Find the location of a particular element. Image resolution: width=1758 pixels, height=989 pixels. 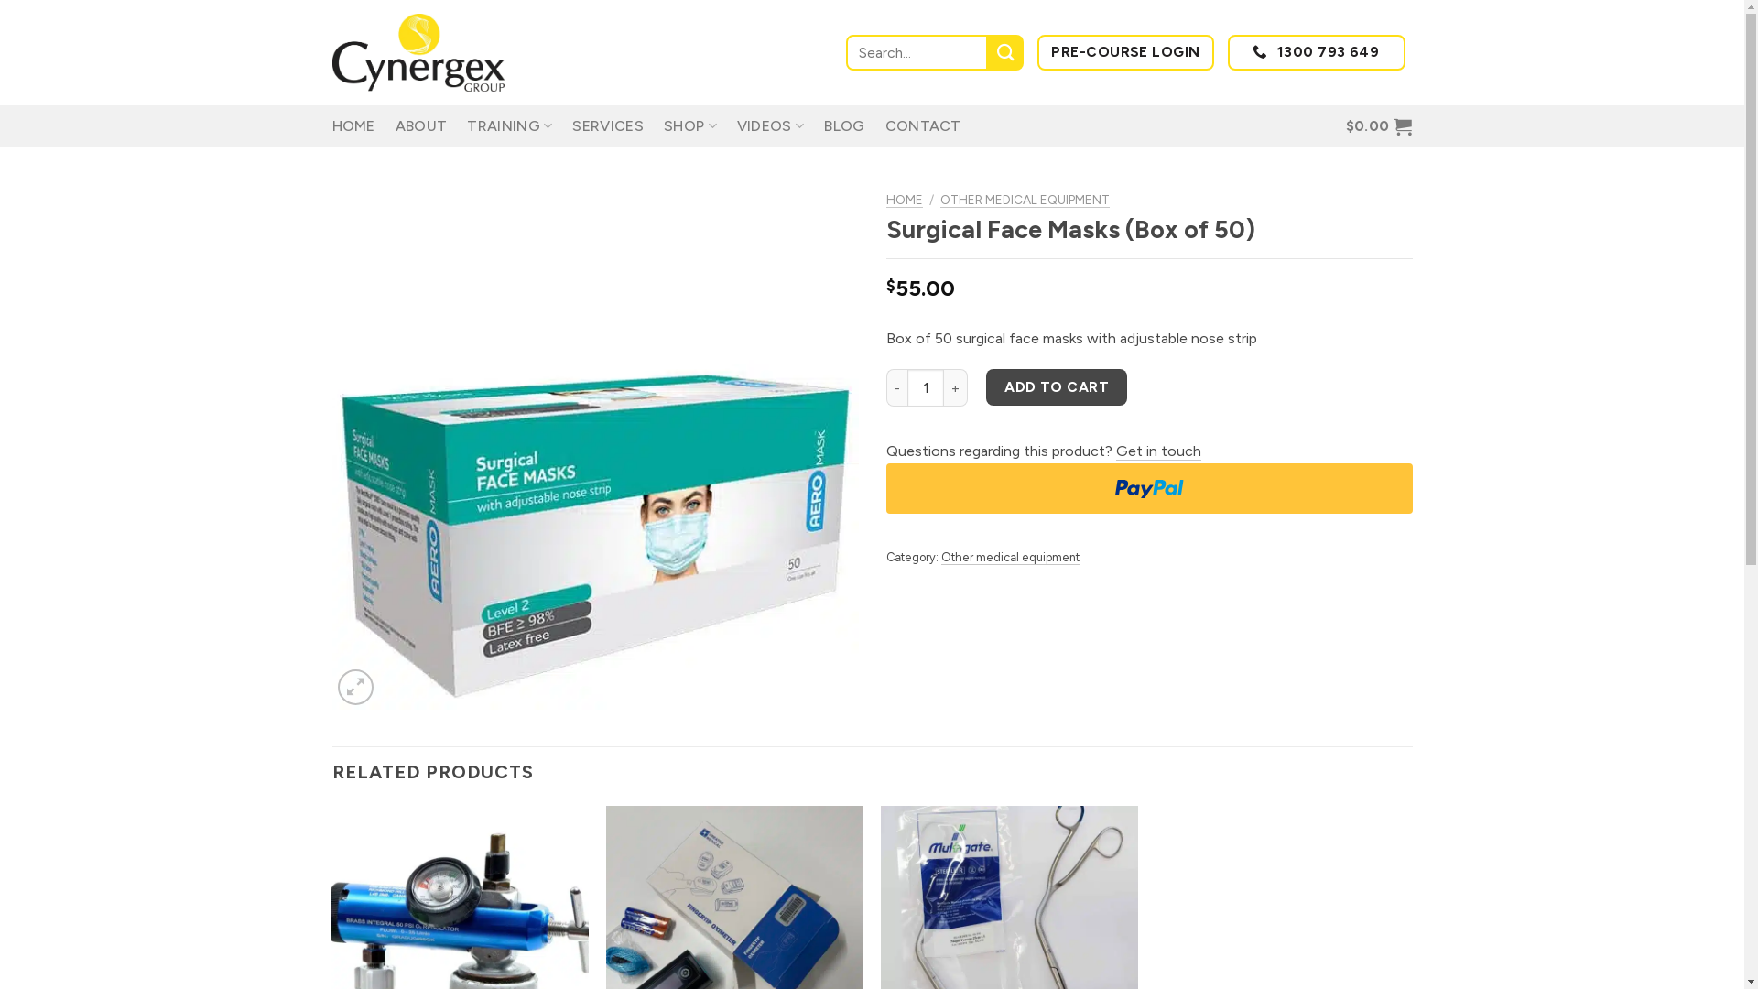

'ADD TO CART' is located at coordinates (1056, 386).